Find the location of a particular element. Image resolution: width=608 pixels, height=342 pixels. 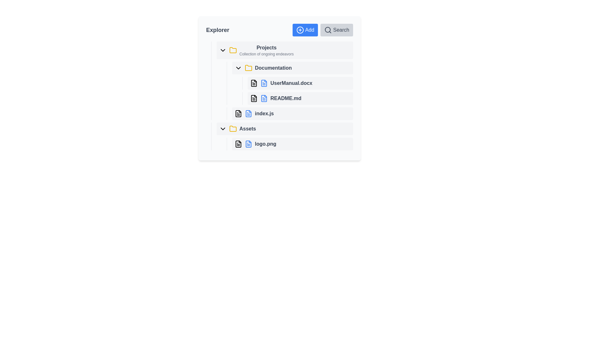

the vibrant blue file icon with a folded corner representing the file labeled 'logo.png' is located at coordinates (248, 144).